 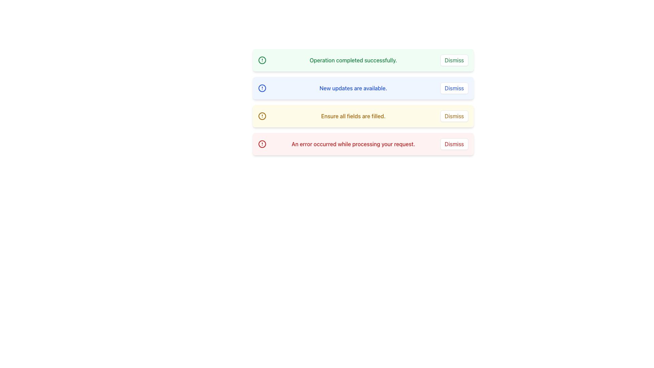 What do you see at coordinates (454, 88) in the screenshot?
I see `the 'Dismiss' button, which is a rectangular button with rounded corners, white background, and blue text, located within a notification box with a blue background` at bounding box center [454, 88].